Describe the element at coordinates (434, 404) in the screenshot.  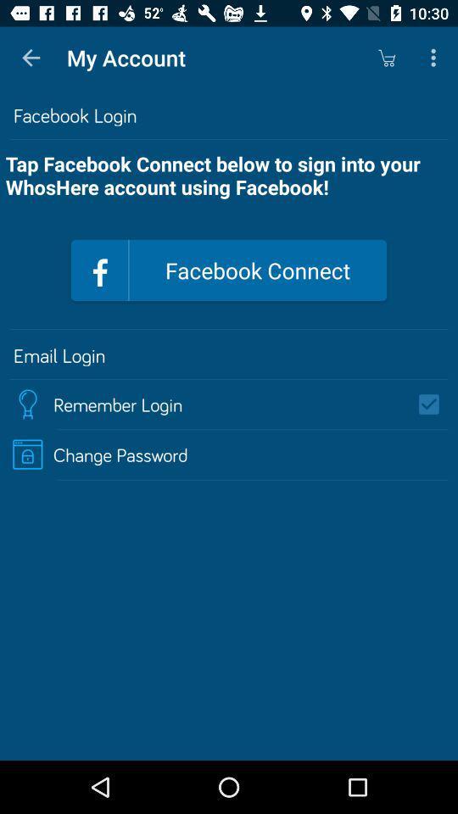
I see `login info` at that location.